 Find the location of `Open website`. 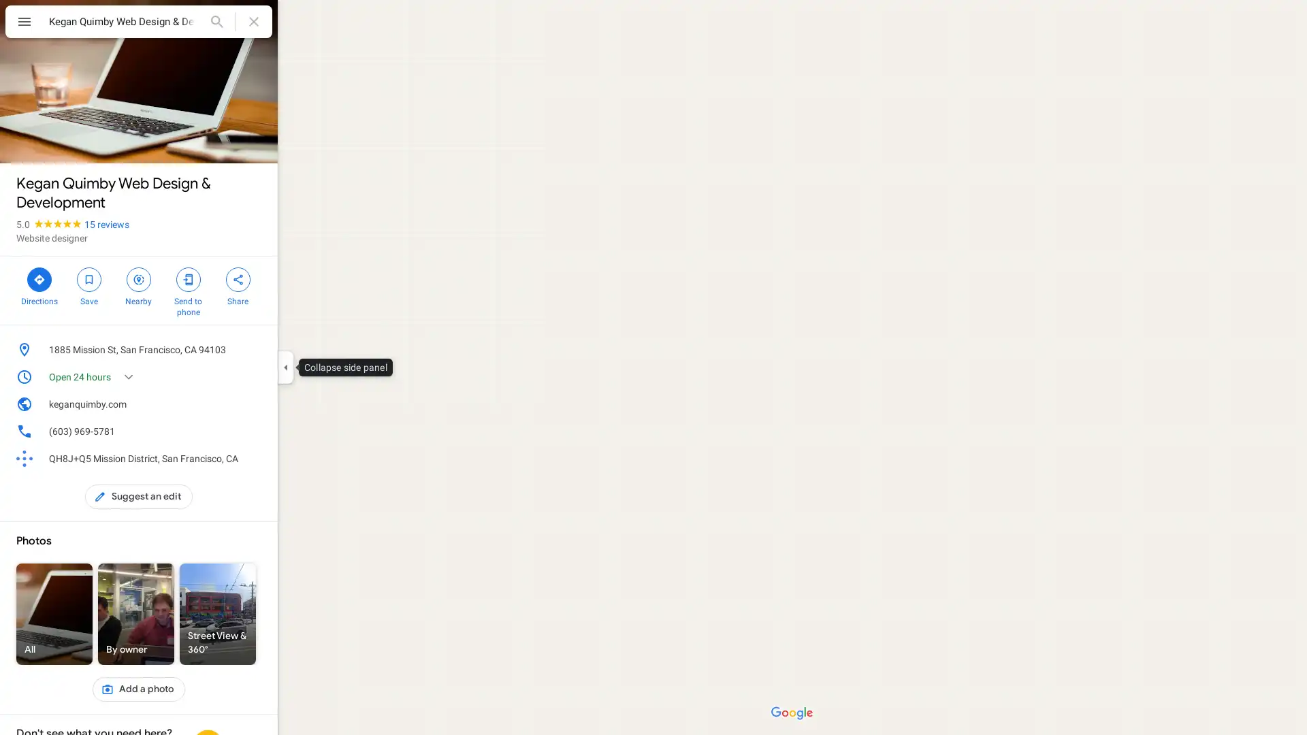

Open website is located at coordinates (234, 404).